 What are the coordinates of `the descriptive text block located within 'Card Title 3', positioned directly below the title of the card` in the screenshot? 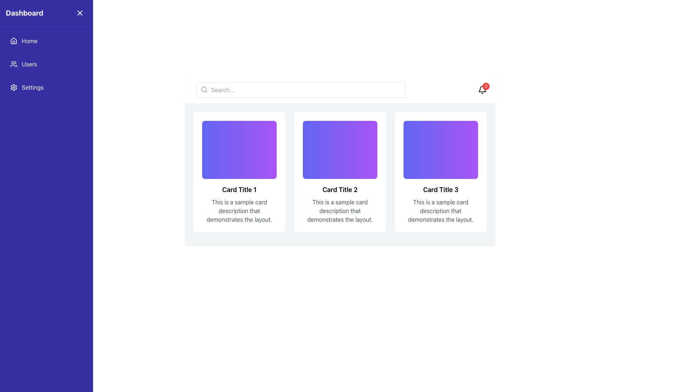 It's located at (440, 211).